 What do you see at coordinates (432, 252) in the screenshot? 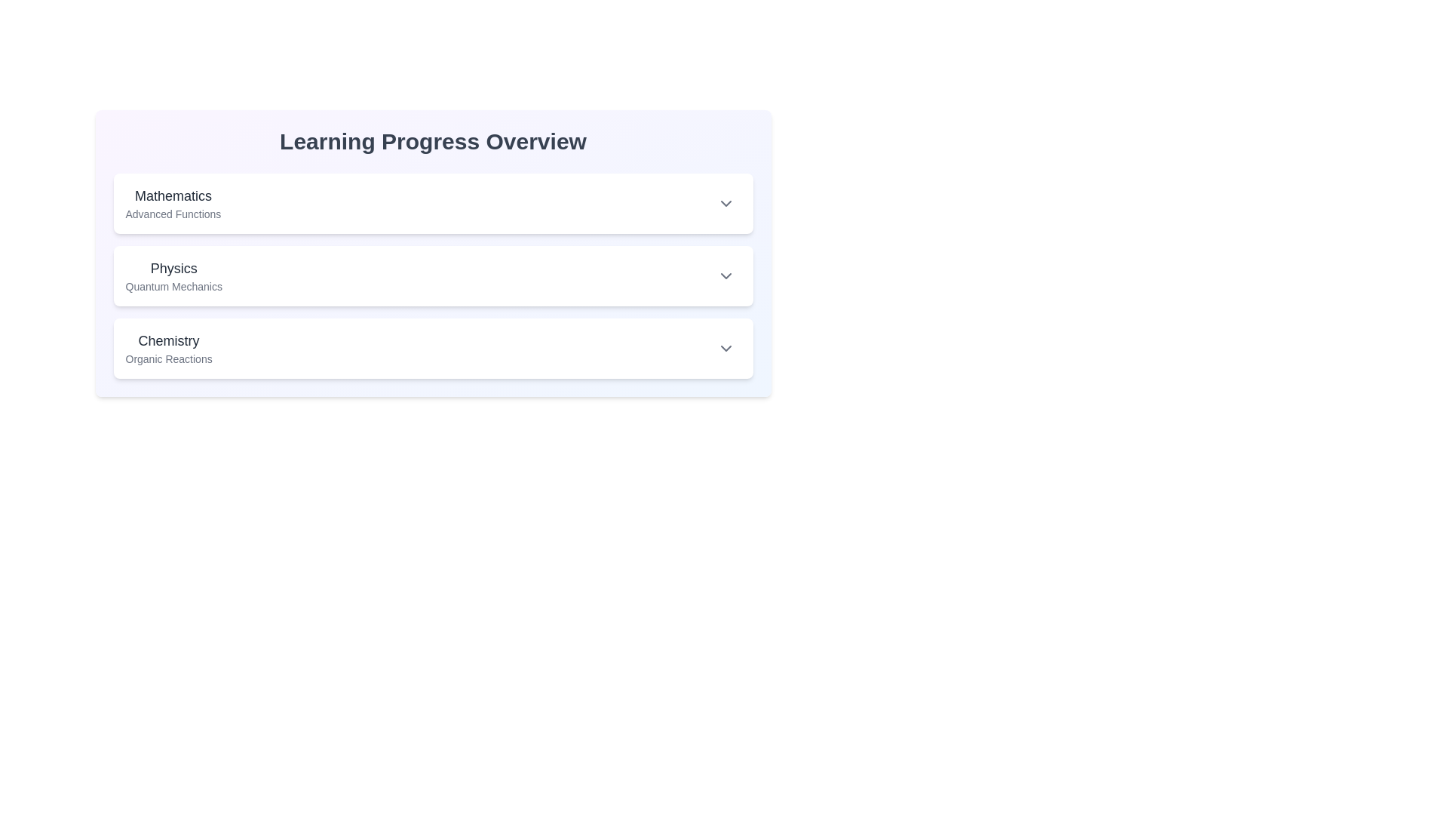
I see `the second subject card within the Information card titled 'Learning Progress Overview', which features a gradient background and includes subjects like 'Mathematics' and 'Physics'` at bounding box center [432, 252].